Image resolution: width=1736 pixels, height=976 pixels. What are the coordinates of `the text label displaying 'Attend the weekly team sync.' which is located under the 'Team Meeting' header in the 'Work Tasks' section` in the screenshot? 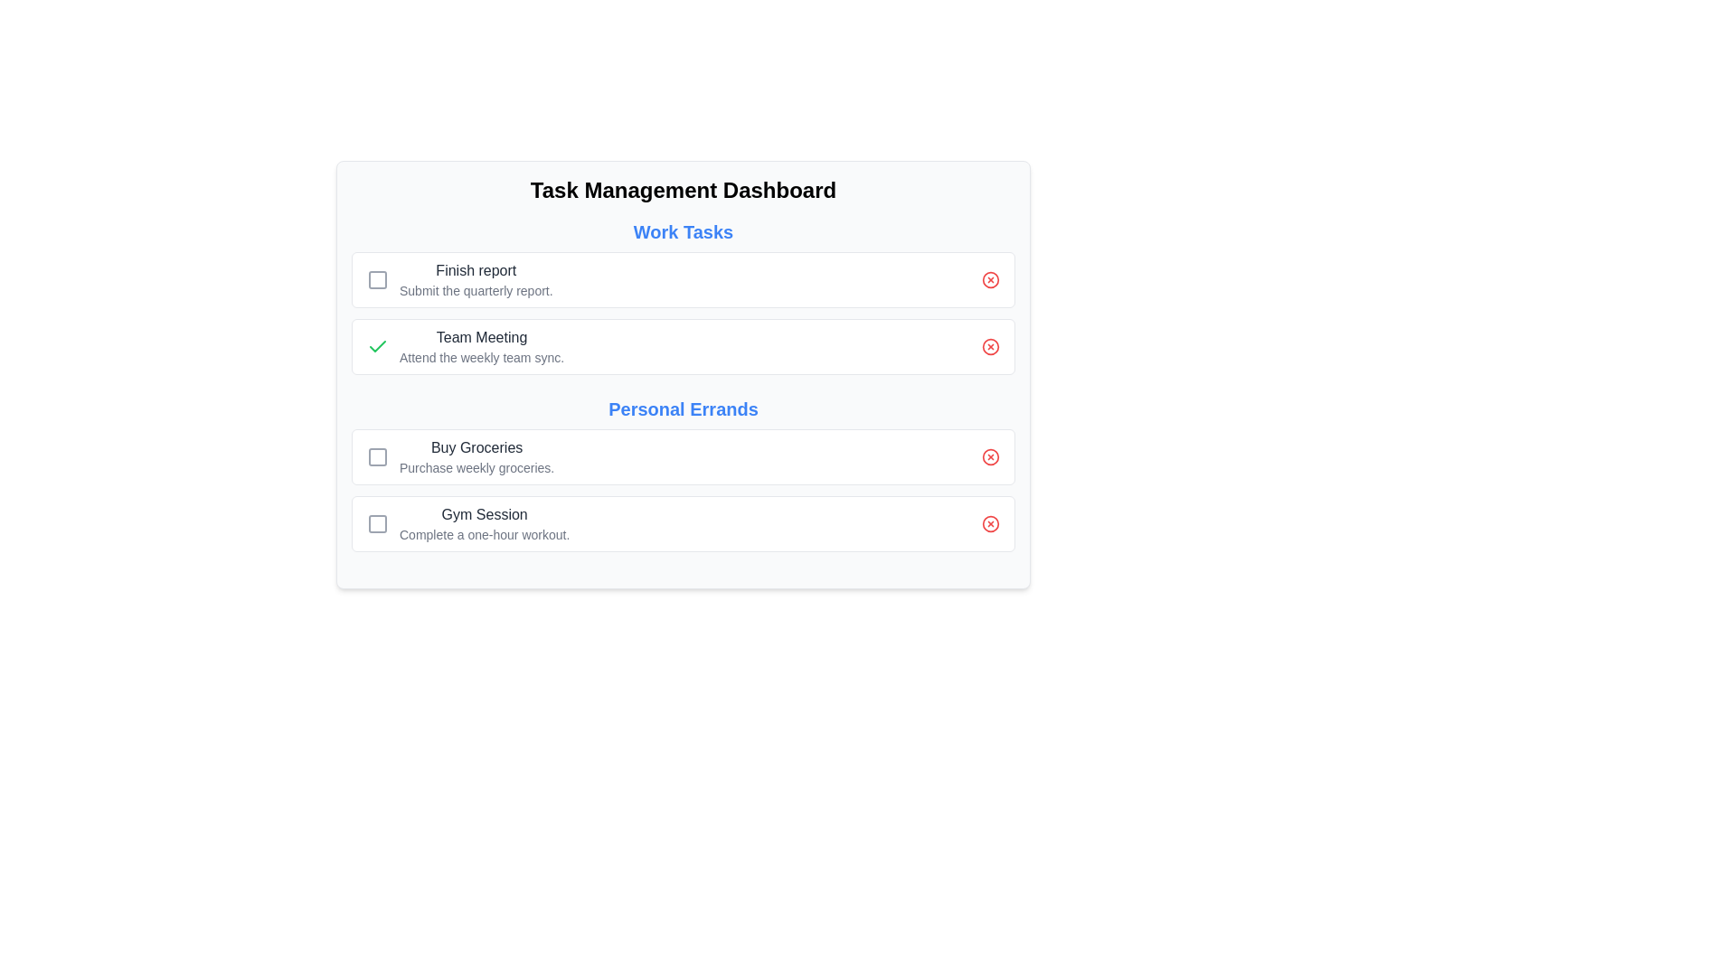 It's located at (481, 358).